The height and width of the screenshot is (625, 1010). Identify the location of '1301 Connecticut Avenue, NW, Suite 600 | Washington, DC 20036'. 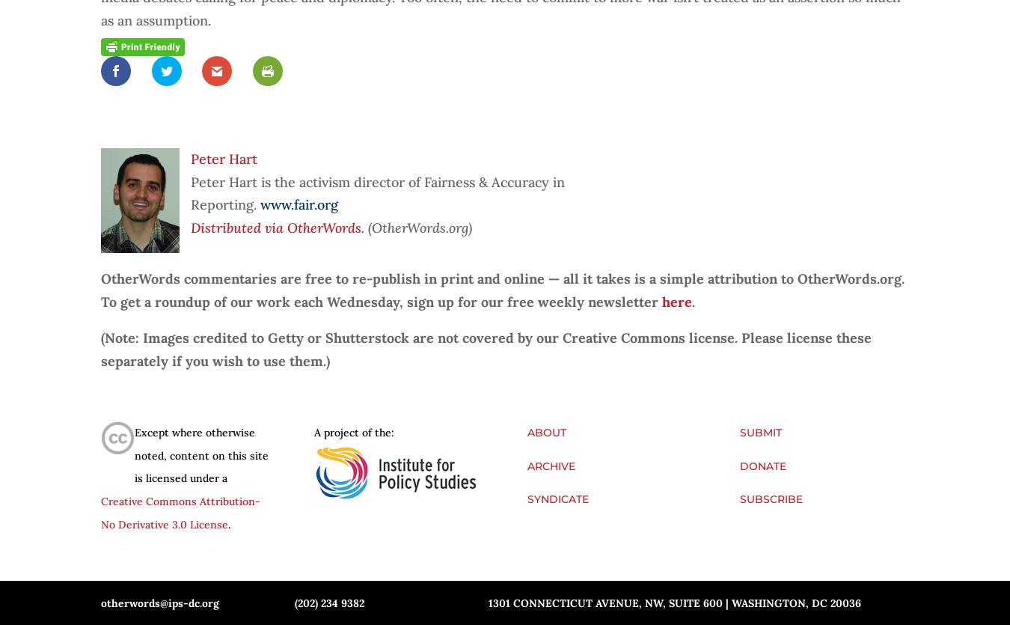
(673, 602).